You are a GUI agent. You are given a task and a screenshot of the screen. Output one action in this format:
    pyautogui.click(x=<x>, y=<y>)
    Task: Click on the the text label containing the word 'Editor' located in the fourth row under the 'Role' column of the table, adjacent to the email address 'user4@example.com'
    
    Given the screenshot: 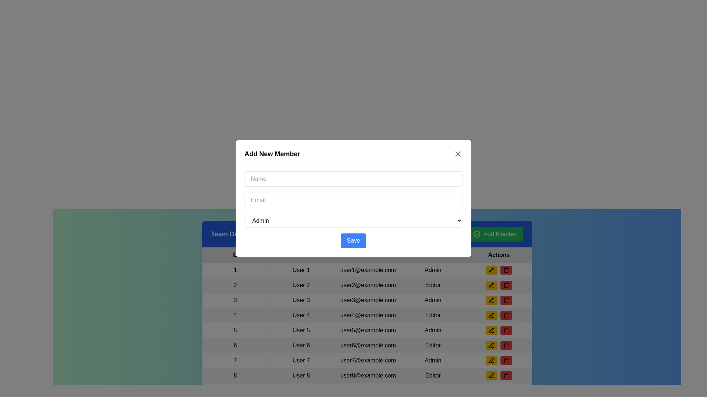 What is the action you would take?
    pyautogui.click(x=433, y=315)
    